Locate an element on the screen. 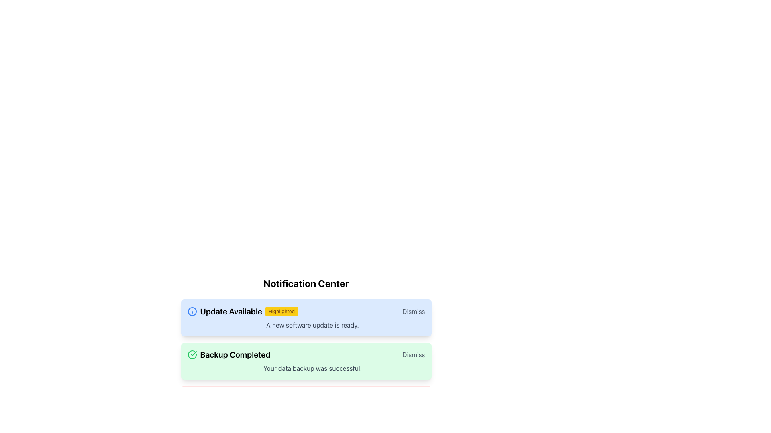 The height and width of the screenshot is (433, 771). the green circular icon indicating the successful status of the 'Backup Completed' notification located in the Notification Center is located at coordinates (193, 353).